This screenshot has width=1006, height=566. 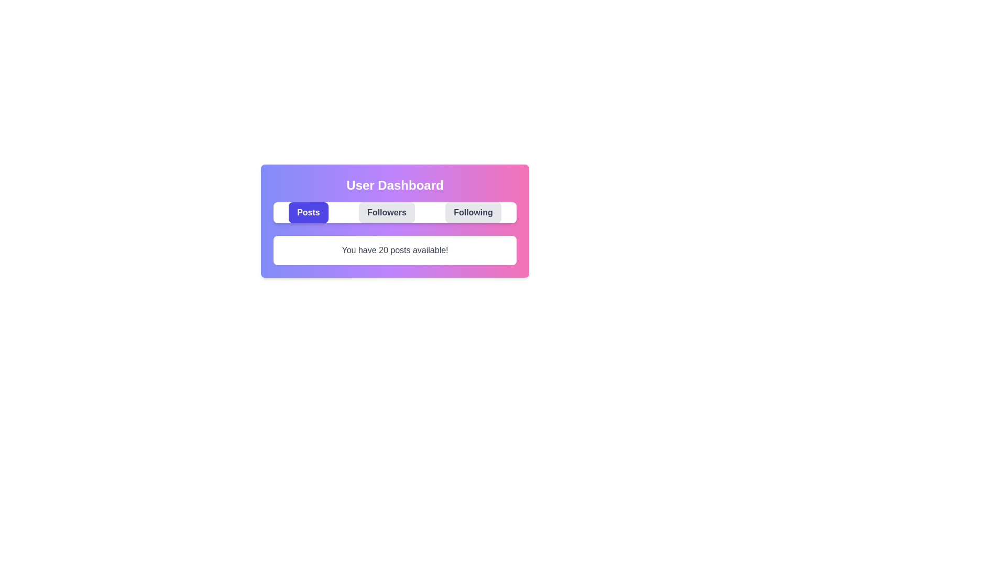 I want to click on the informational Static Text displaying the number of posts available, which is centered in the lower half of the central panel beneath the tabs labeled 'Posts,' 'Followers,' and 'Following.', so click(x=394, y=251).